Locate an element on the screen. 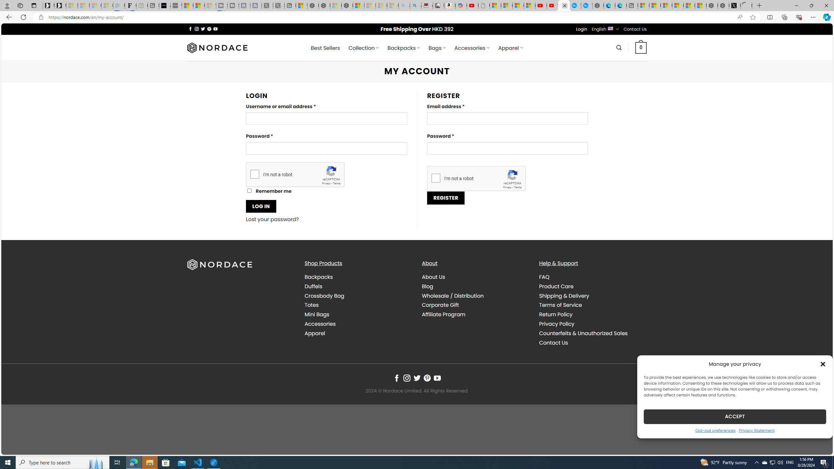  'Return Policy' is located at coordinates (555, 314).